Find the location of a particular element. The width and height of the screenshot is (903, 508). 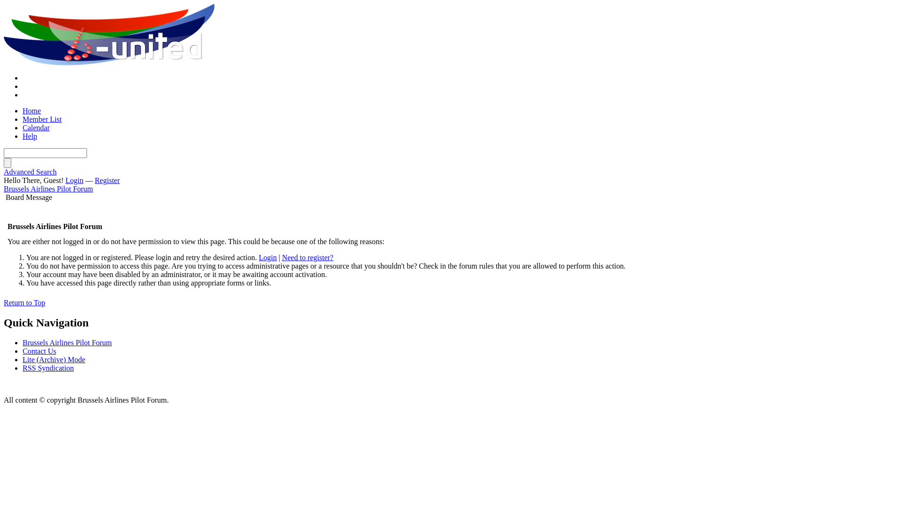

'Lite (Archive) Mode' is located at coordinates (53, 359).